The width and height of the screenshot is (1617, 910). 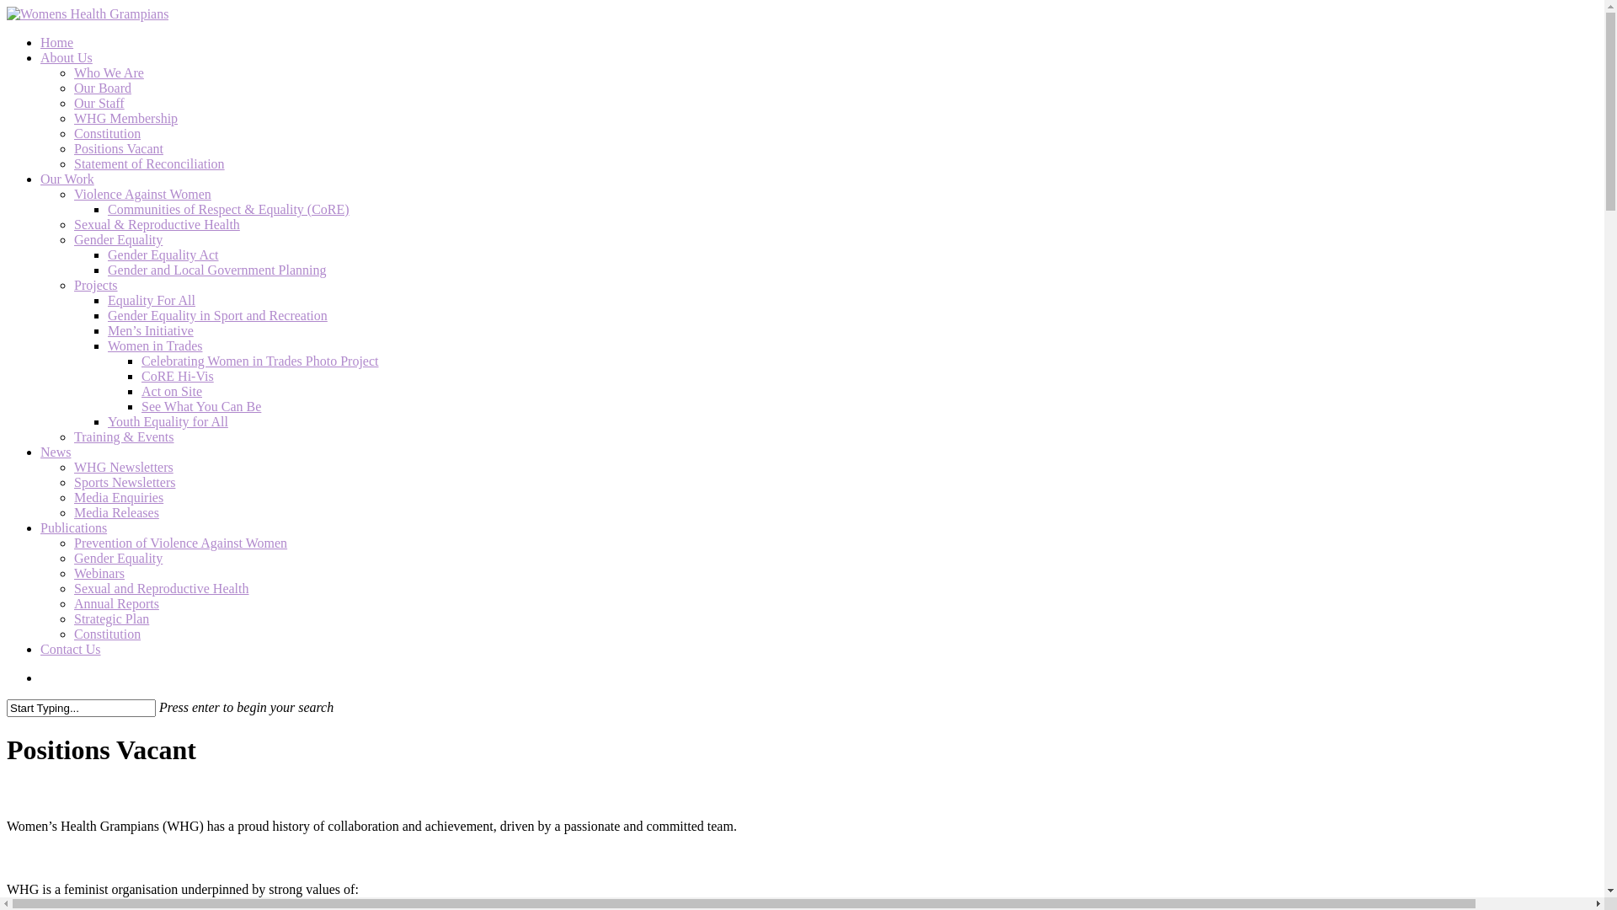 I want to click on 'Gender Equality in Sport and Recreation', so click(x=107, y=315).